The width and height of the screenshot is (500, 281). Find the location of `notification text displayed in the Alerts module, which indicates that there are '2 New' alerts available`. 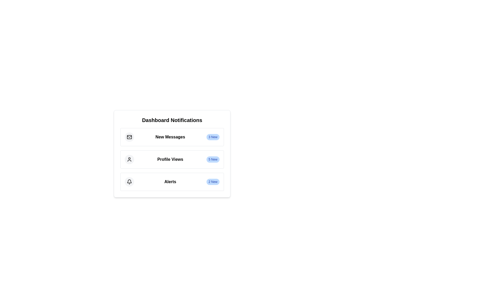

notification text displayed in the Alerts module, which indicates that there are '2 New' alerts available is located at coordinates (172, 181).